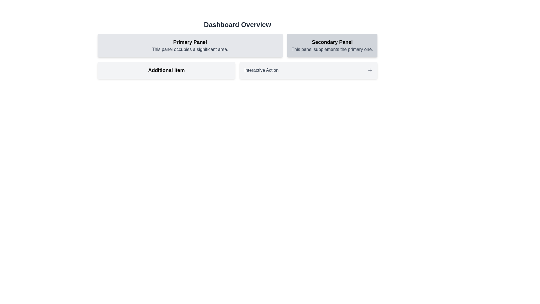  Describe the element at coordinates (332, 42) in the screenshot. I see `the 'Secondary Panel' text label, which is styled in bold and enlarged font, located in the top-right quadrant of the interface` at that location.